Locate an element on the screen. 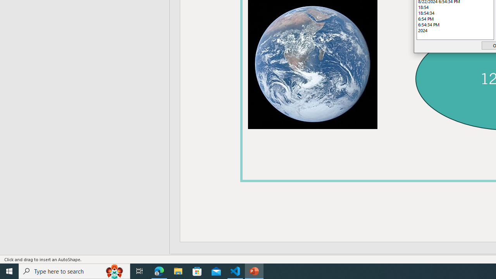 The width and height of the screenshot is (496, 279). '18:54' is located at coordinates (455, 7).